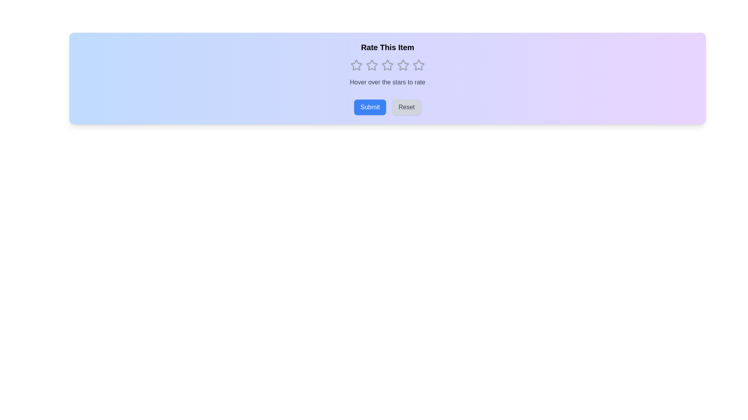  I want to click on the third outlined star icon in the horizontal array for rating, located centrally under the heading 'Rate This Item', so click(403, 65).